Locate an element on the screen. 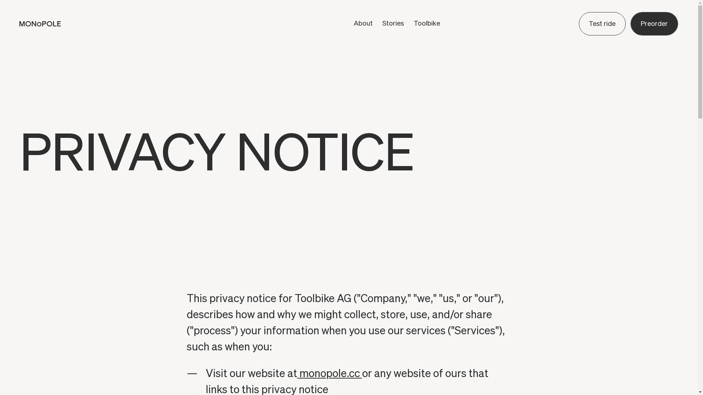 The image size is (703, 395). 'monopole.cc' is located at coordinates (329, 374).